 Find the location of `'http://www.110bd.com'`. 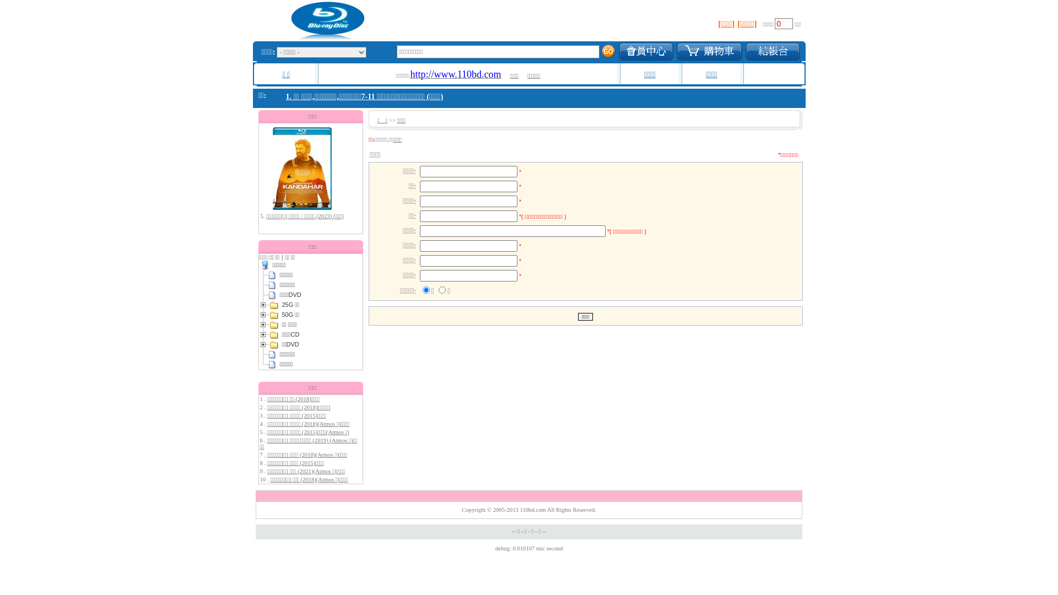

'http://www.110bd.com' is located at coordinates (455, 75).